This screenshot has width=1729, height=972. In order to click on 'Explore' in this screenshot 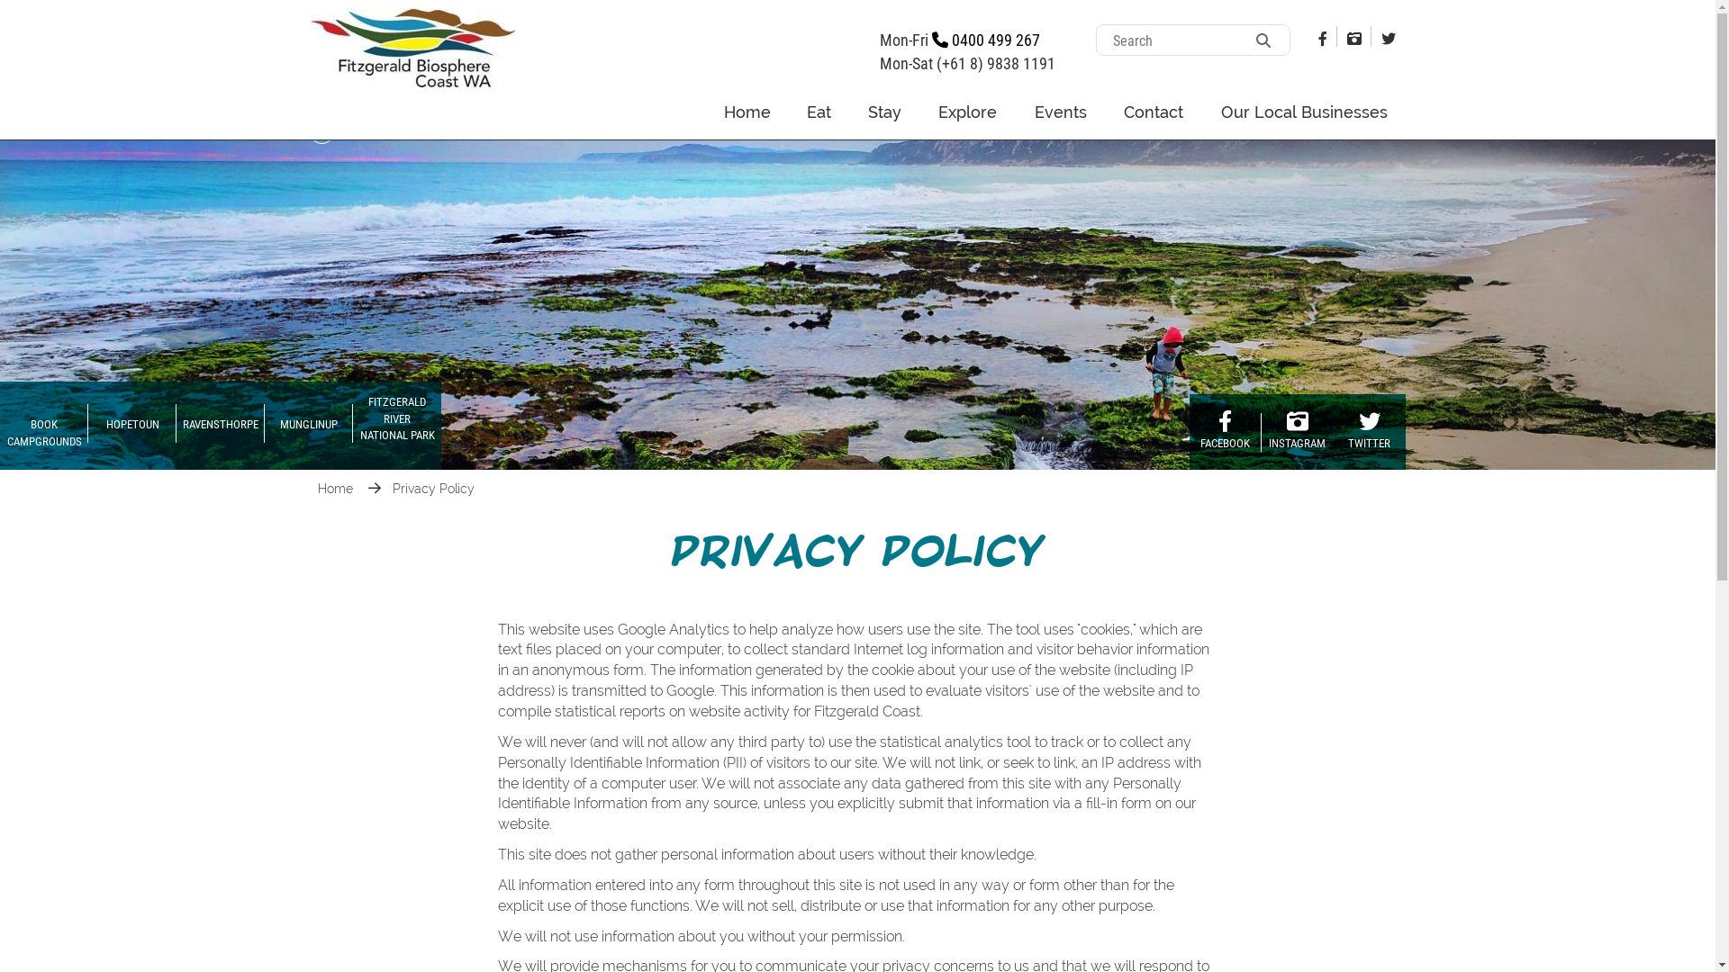, I will do `click(967, 112)`.